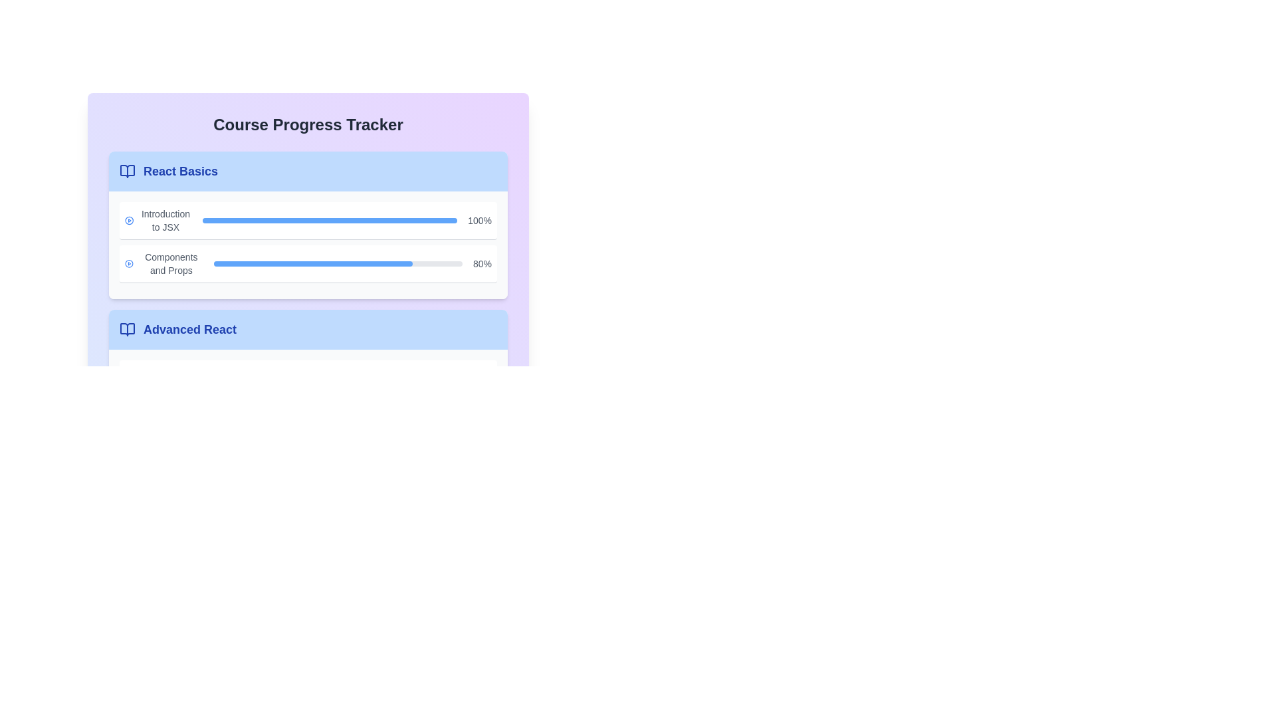  What do you see at coordinates (129, 264) in the screenshot?
I see `the interactive play button icon located in the 'React Basics' section, aligned with the text 'Components and Props'` at bounding box center [129, 264].